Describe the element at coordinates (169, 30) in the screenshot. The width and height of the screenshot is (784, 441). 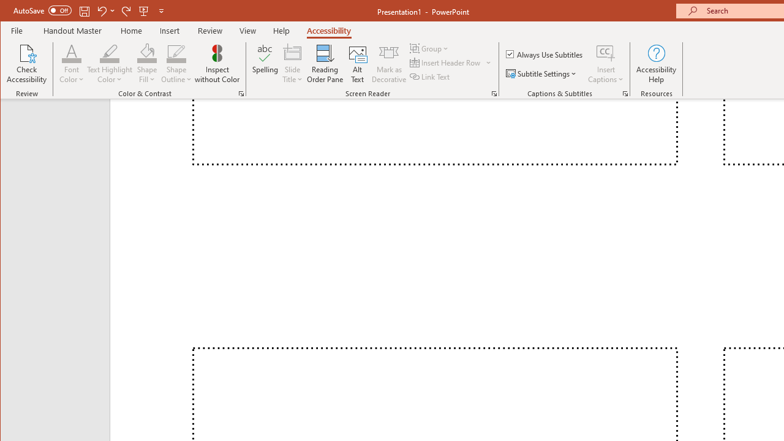
I see `'Insert'` at that location.